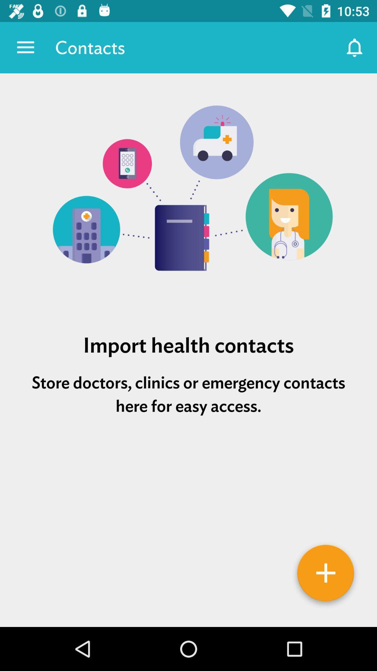  I want to click on the add icon, so click(326, 575).